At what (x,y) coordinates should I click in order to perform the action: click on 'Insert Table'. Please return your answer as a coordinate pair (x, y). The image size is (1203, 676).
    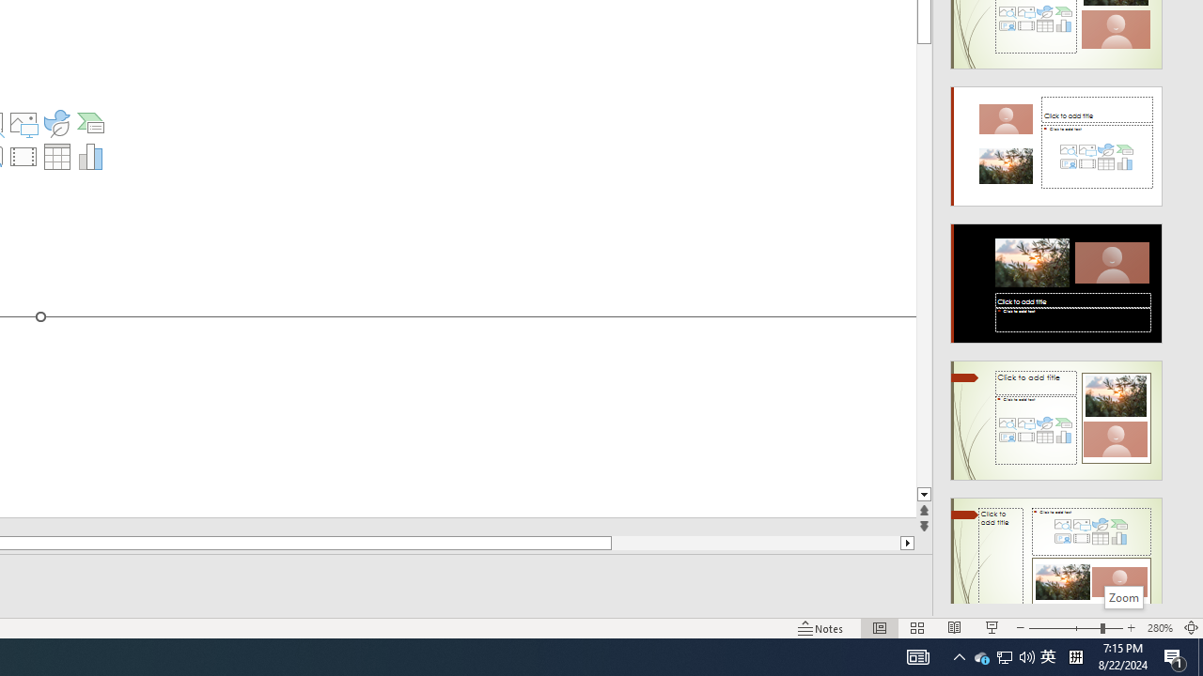
    Looking at the image, I should click on (56, 156).